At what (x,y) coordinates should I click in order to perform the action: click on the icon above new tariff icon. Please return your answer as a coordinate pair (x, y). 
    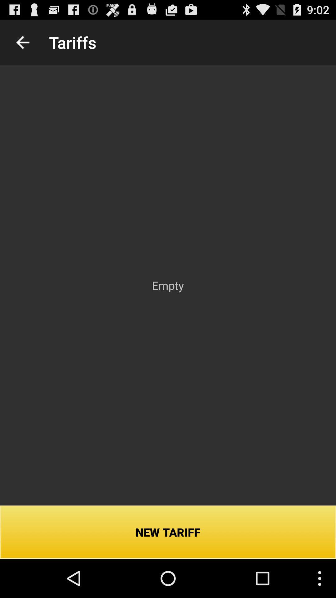
    Looking at the image, I should click on (22, 42).